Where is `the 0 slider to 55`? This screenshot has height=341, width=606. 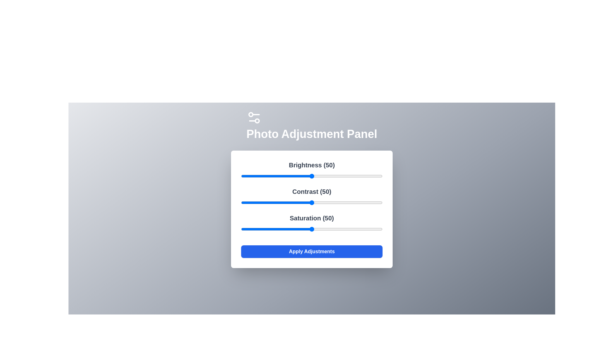
the 0 slider to 55 is located at coordinates (319, 176).